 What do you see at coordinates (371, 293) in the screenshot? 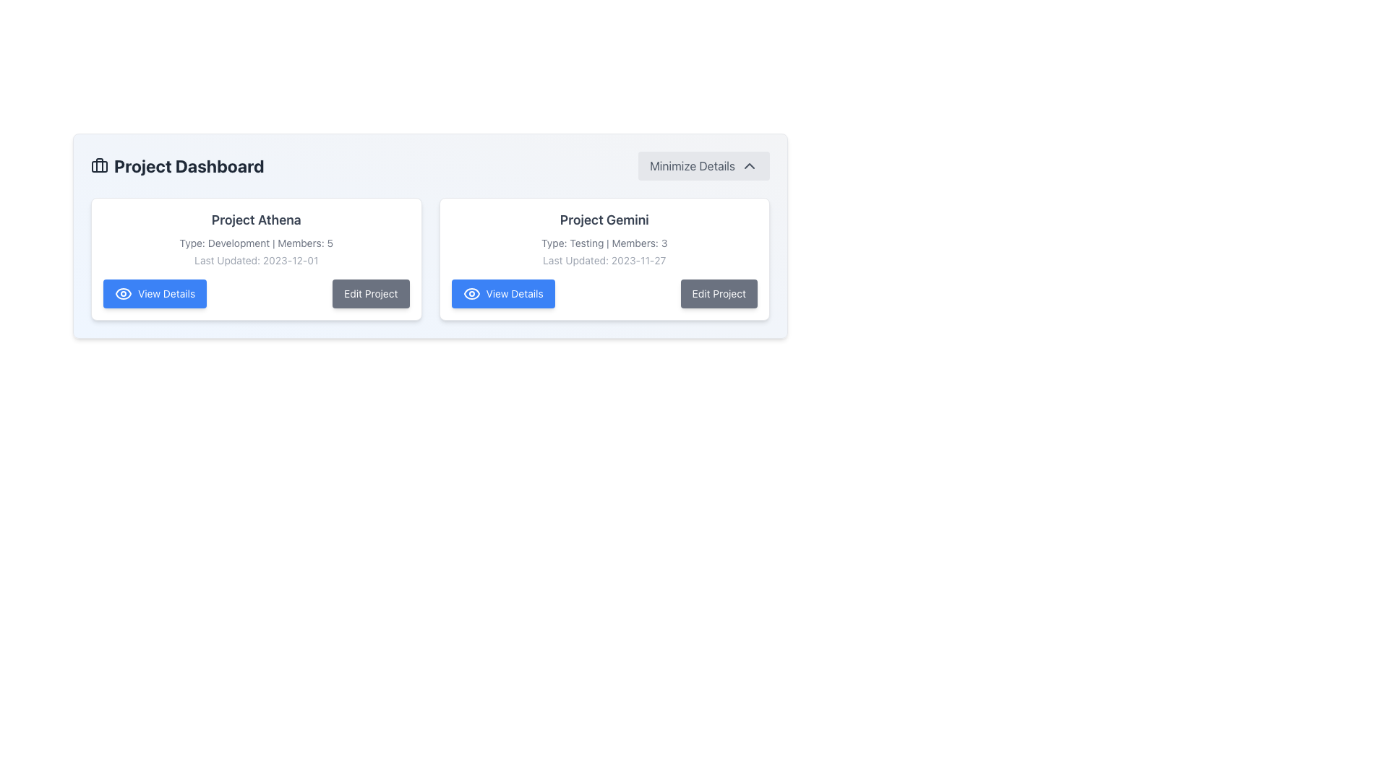
I see `the 'Edit Project' button, which has a rounded gray background and white text, to initiate the edit action` at bounding box center [371, 293].